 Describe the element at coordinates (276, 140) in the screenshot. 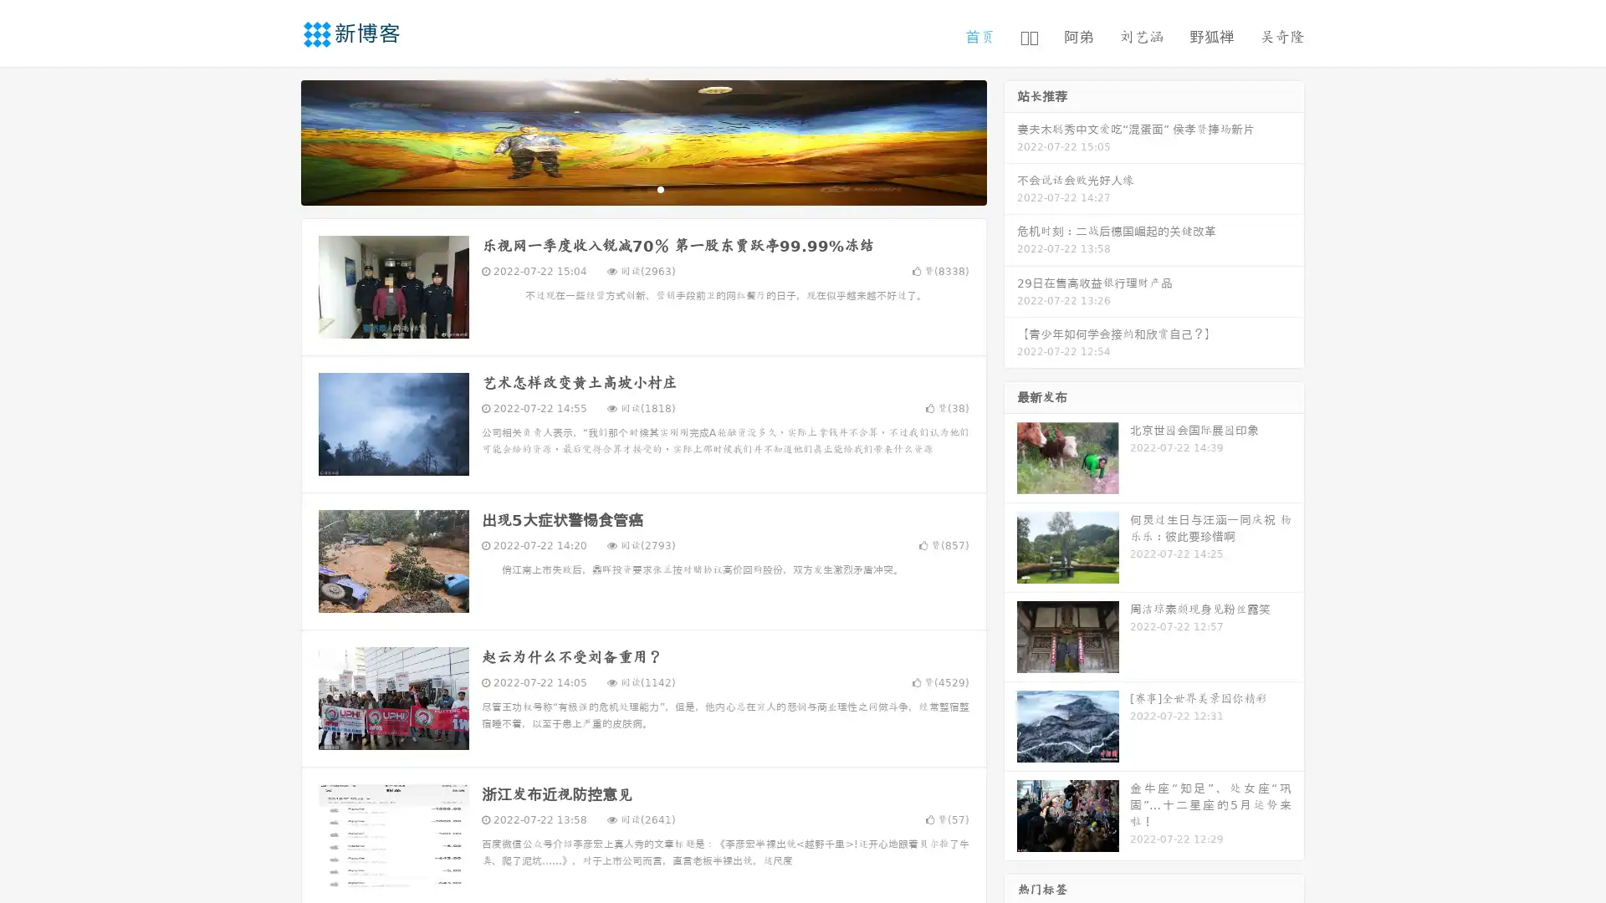

I see `Previous slide` at that location.